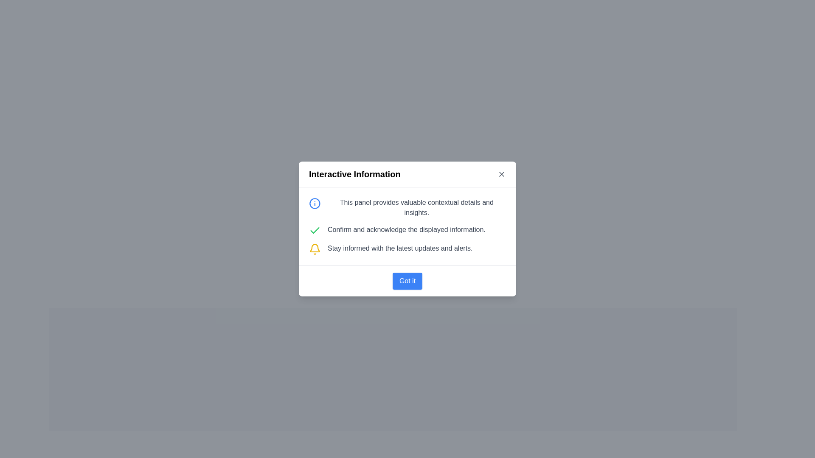 This screenshot has width=815, height=458. I want to click on the static text element that provides a confirmation message or instruction, located in the middle section of a modal dialog, positioned directly to the right of a green checkmark icon, so click(406, 230).